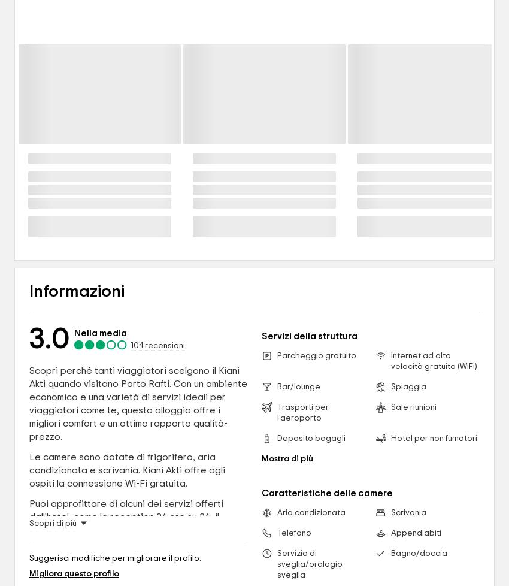 This screenshot has width=509, height=586. Describe the element at coordinates (126, 469) in the screenshot. I see `'Le camere sono dotate di frigorifero, aria condizionata e scrivania. Kiani Akti offre agli ospiti la connessione Wi-Fi gratuita.'` at that location.